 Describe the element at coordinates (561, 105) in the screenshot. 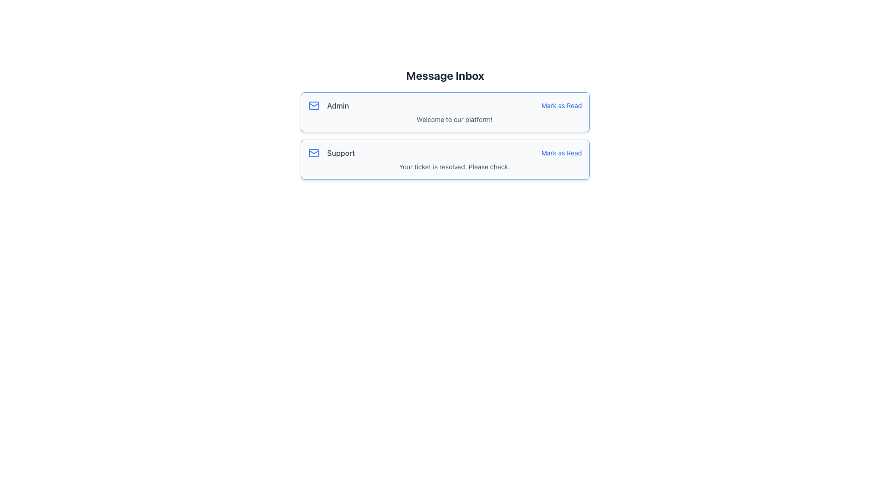

I see `the 'Mark as Read' hyperlink located in the top notification box of the 'Message Inbox' interface to mark the message as read` at that location.